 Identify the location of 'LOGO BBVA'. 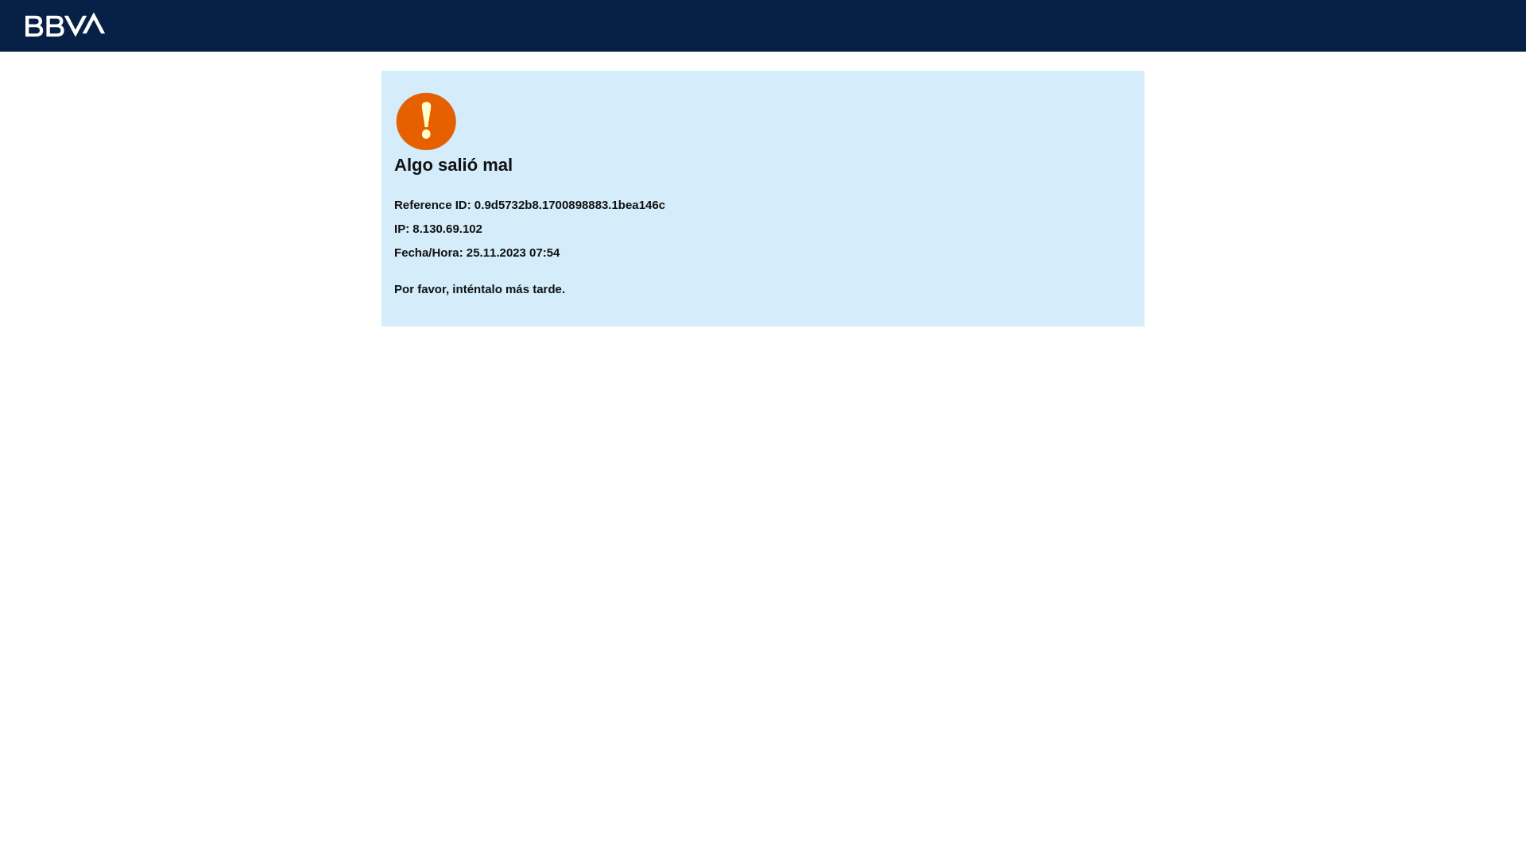
(64, 24).